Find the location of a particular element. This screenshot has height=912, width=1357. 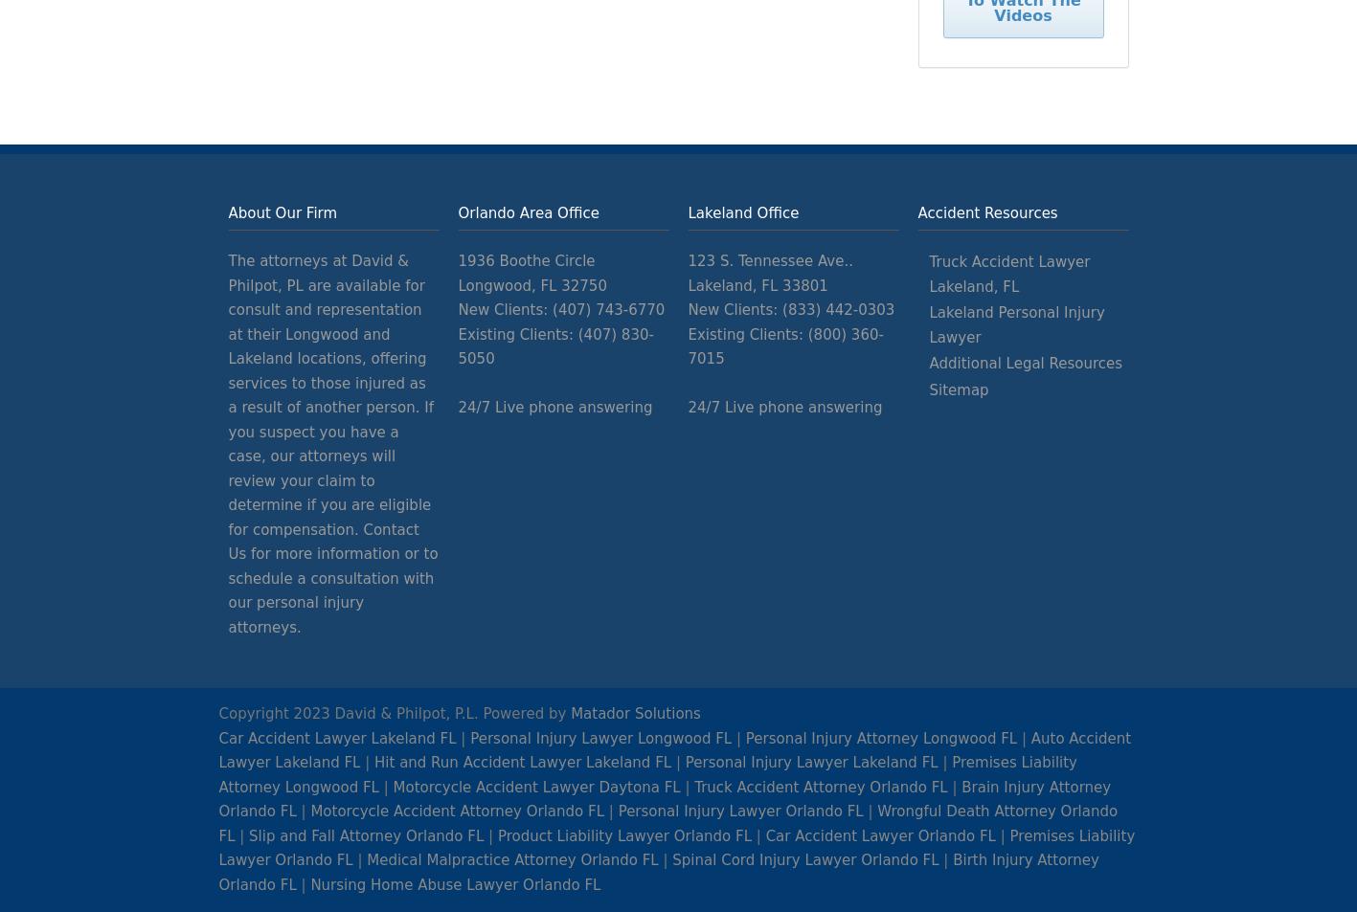

'Car Accident Lawyer Orlando FL' is located at coordinates (880, 835).